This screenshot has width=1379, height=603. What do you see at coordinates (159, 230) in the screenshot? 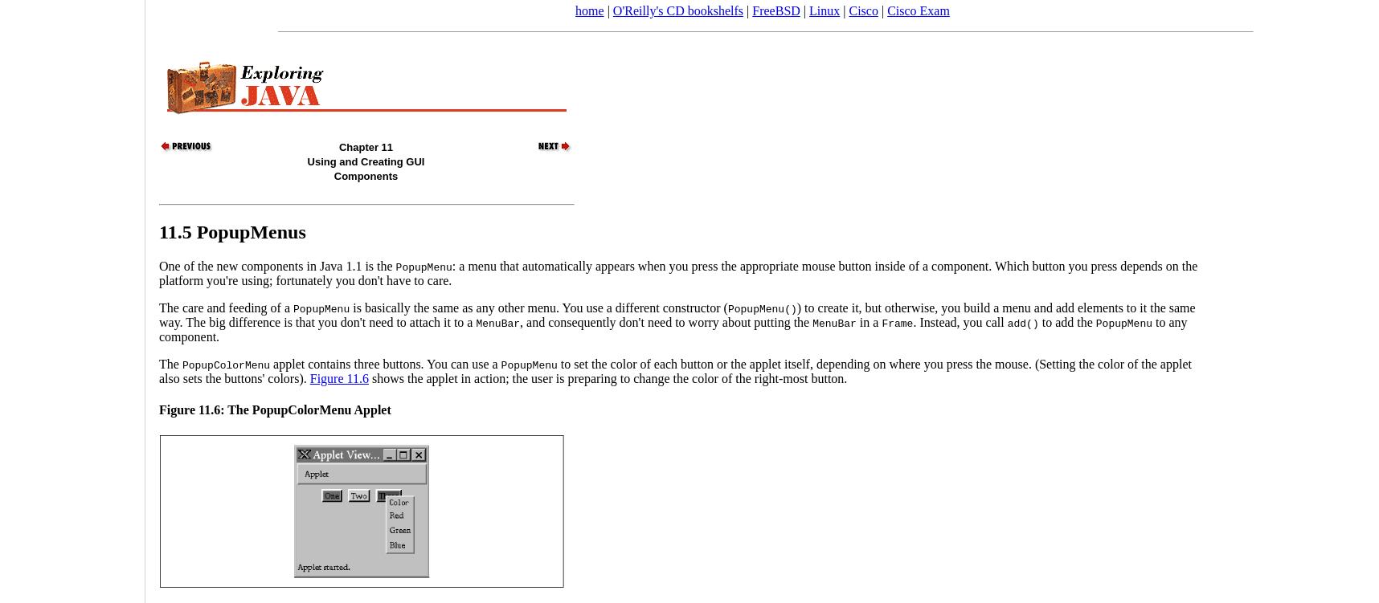
I see `'11.5 PopupMenus'` at bounding box center [159, 230].